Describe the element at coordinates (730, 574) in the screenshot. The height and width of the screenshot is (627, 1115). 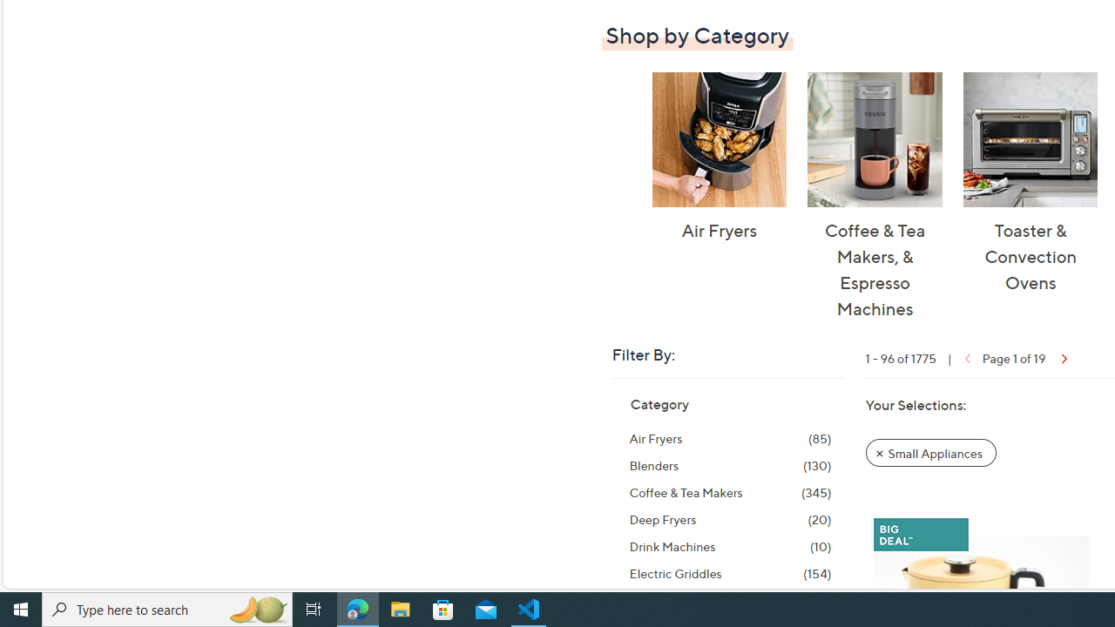
I see `'Electric Griddles, 154 items'` at that location.